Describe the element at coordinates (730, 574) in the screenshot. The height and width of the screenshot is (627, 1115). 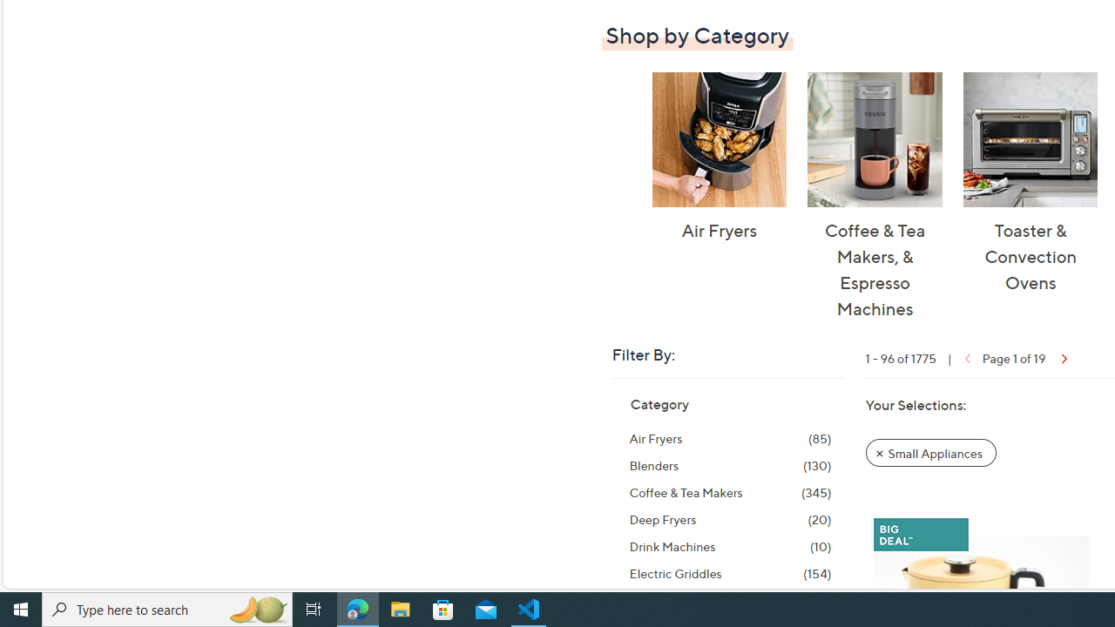
I see `'Electric Griddles, 154 items'` at that location.